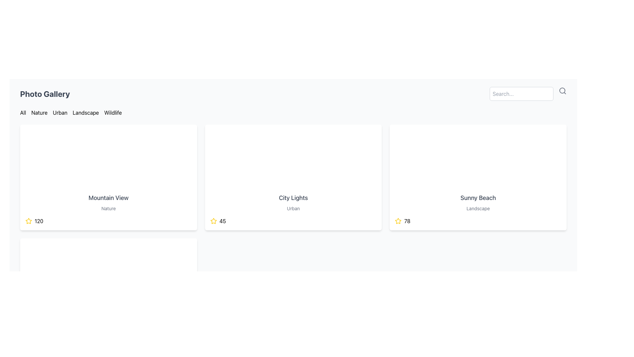  What do you see at coordinates (108, 197) in the screenshot?
I see `text label that serves as the title for the first card in a three-card row, located directly above the text 'Nature'` at bounding box center [108, 197].